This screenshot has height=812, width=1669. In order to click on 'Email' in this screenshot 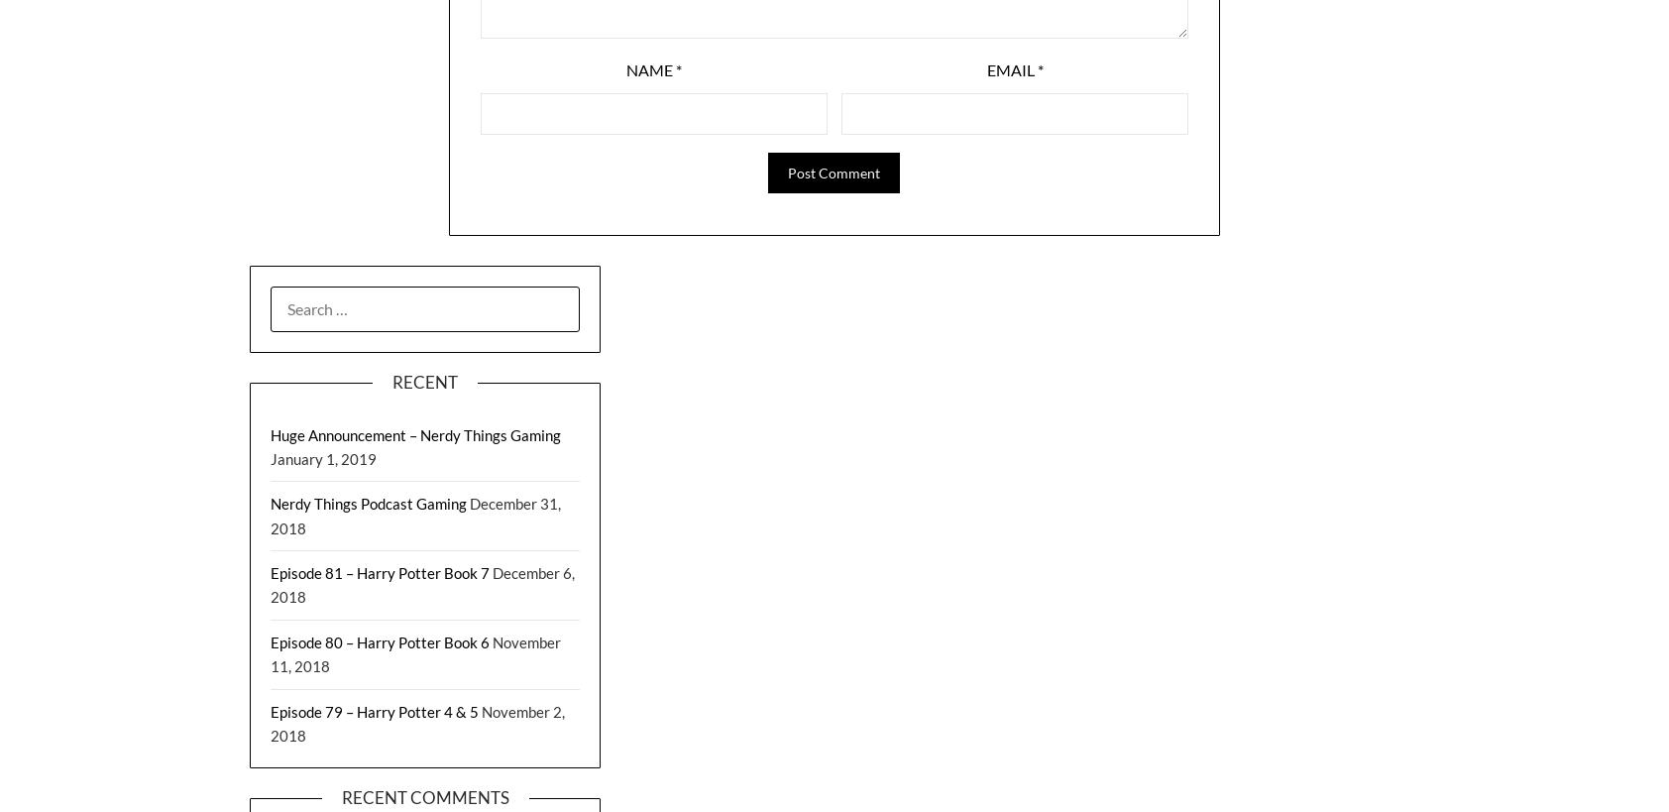, I will do `click(1010, 69)`.